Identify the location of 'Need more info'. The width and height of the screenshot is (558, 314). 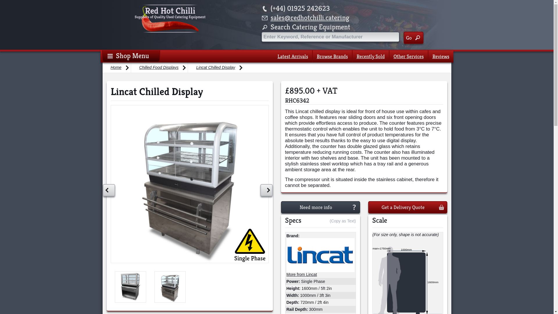
(320, 207).